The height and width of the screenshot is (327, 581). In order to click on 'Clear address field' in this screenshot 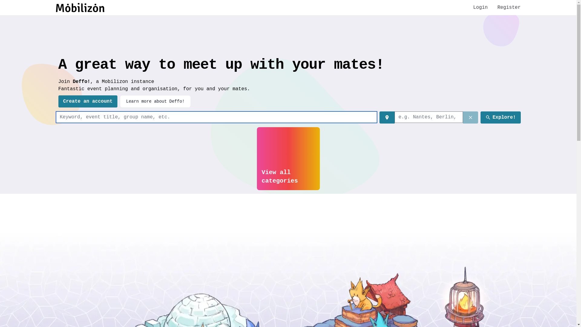, I will do `click(470, 117)`.